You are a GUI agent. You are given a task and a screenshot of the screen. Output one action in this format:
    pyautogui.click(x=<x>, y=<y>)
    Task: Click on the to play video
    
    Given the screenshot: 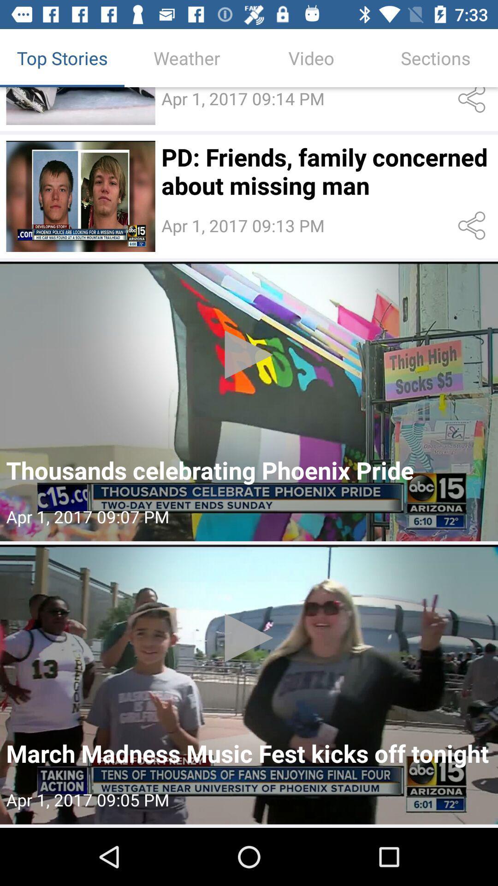 What is the action you would take?
    pyautogui.click(x=80, y=106)
    